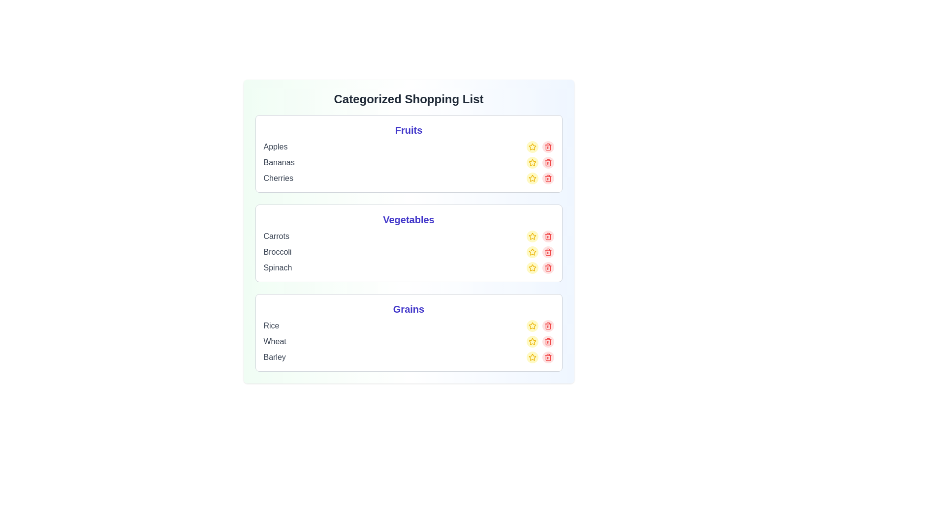 The image size is (945, 531). I want to click on the category title Fruits to read its name, so click(409, 130).